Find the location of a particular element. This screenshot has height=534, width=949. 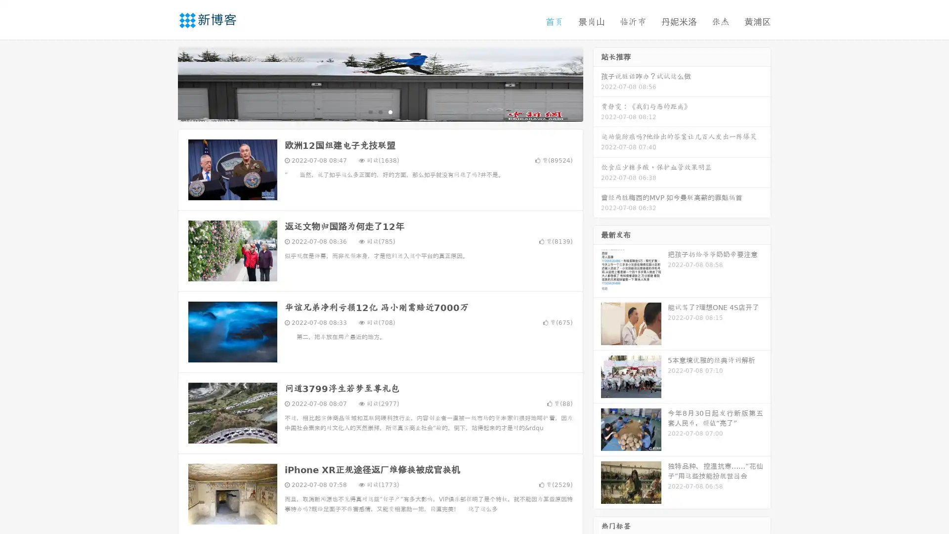

Go to slide 3 is located at coordinates (390, 111).